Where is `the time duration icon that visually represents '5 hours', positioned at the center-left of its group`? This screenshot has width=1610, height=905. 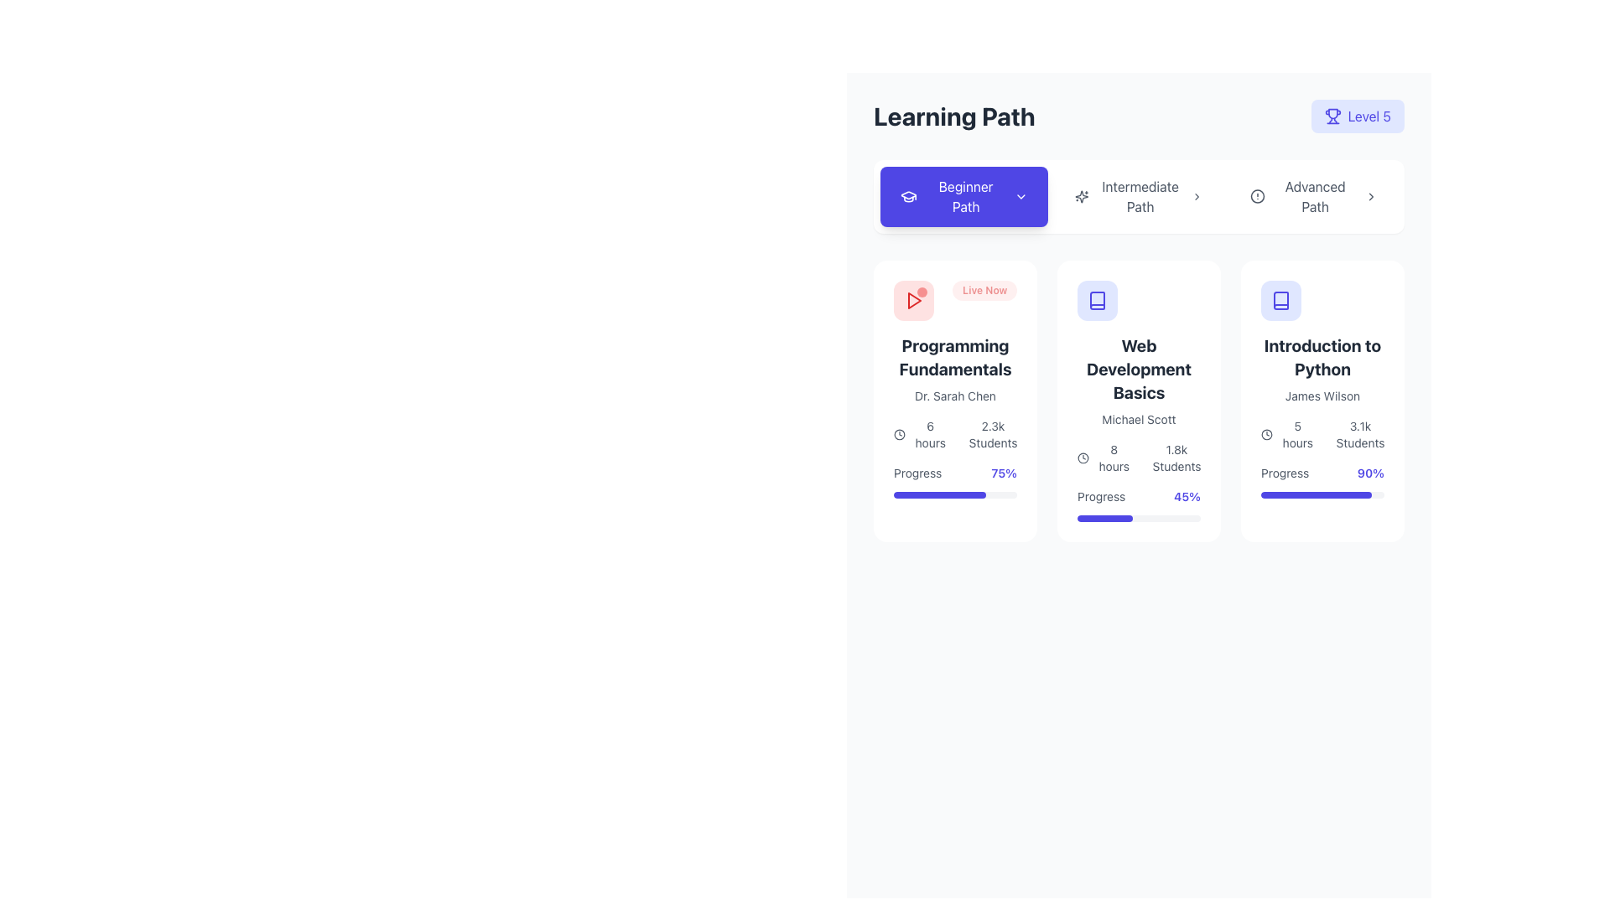 the time duration icon that visually represents '5 hours', positioned at the center-left of its group is located at coordinates (1267, 434).